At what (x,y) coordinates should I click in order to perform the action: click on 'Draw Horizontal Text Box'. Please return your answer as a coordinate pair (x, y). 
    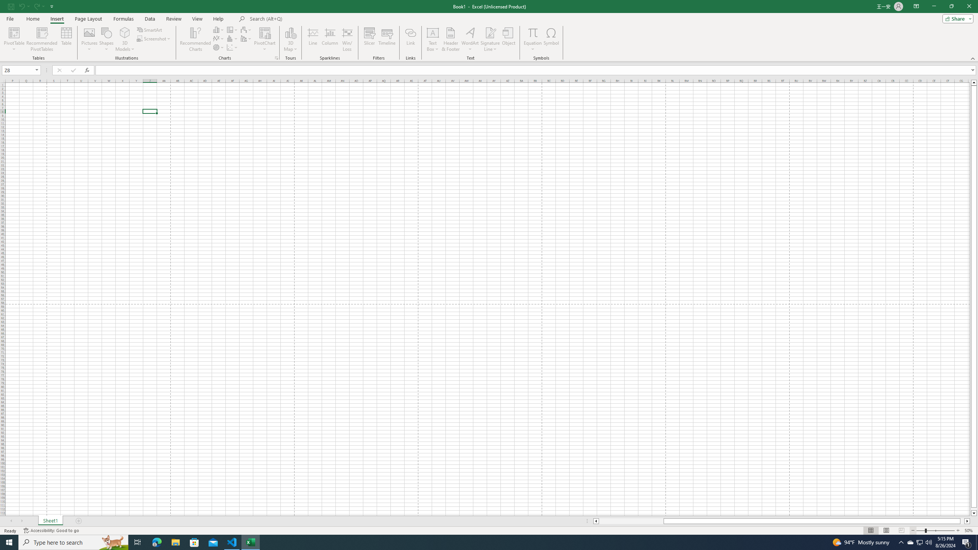
    Looking at the image, I should click on (432, 32).